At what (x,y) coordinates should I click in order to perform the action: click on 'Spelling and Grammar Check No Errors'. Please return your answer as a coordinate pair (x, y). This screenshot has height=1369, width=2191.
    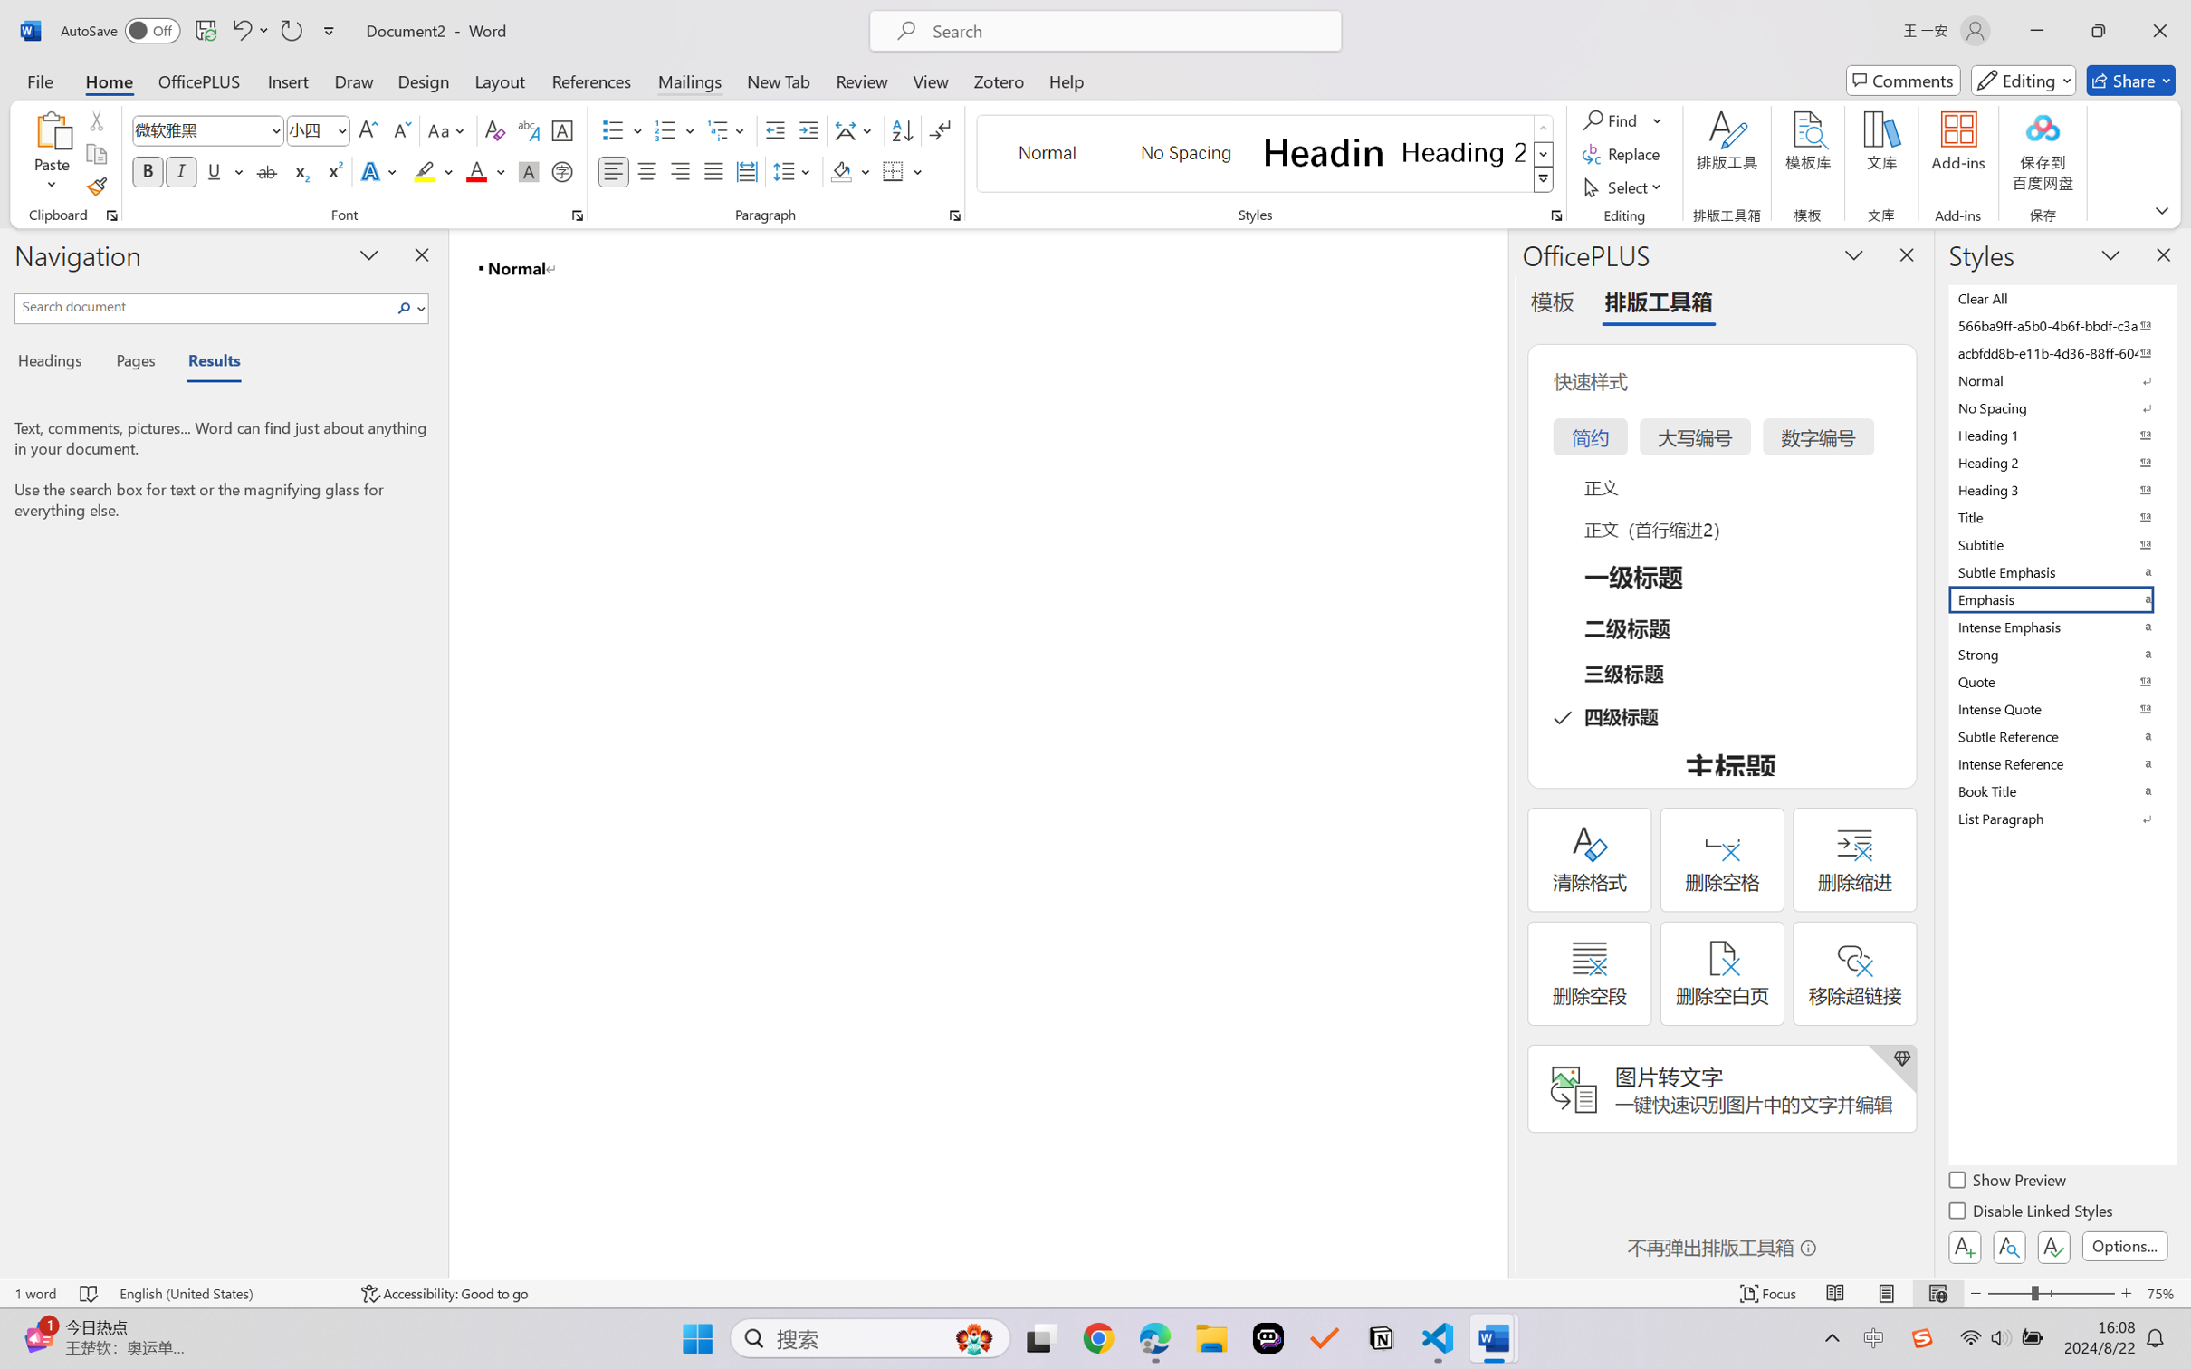
    Looking at the image, I should click on (88, 1293).